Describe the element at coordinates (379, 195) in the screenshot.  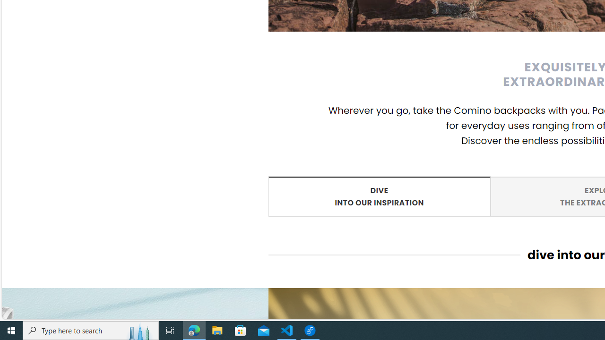
I see `'DIVE INTO OUR INSPIRATION'` at that location.